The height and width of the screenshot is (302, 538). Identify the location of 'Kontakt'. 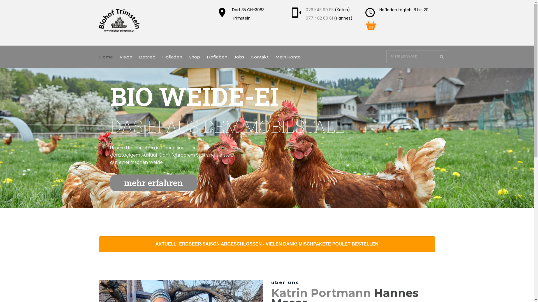
(259, 57).